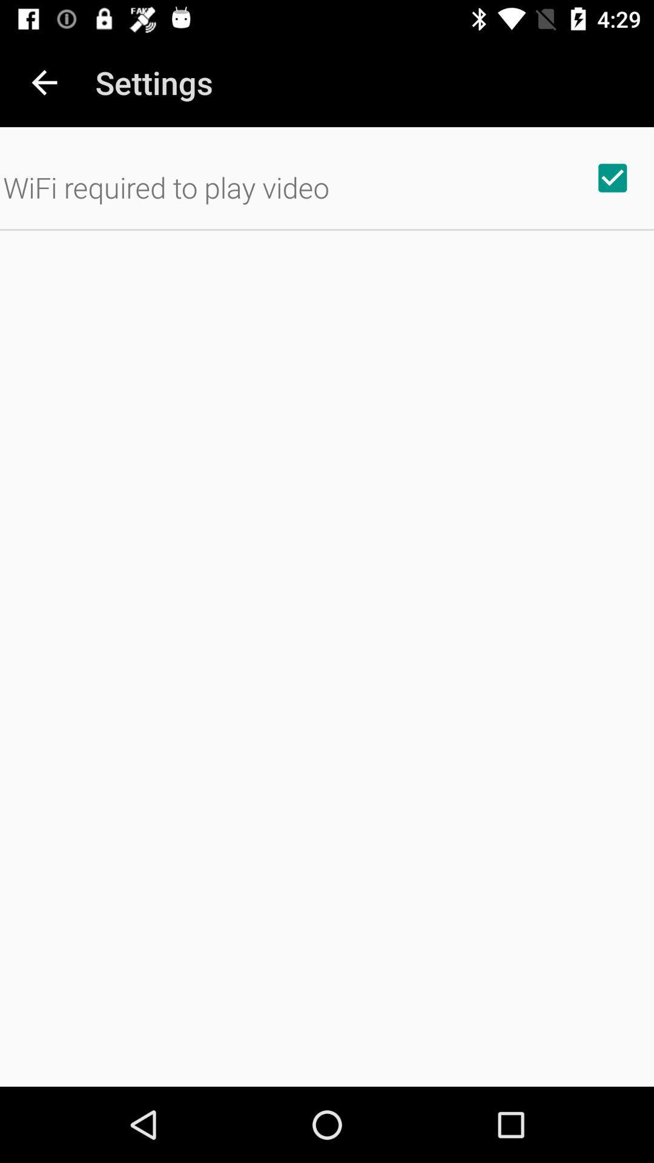 This screenshot has width=654, height=1163. Describe the element at coordinates (44, 82) in the screenshot. I see `the app above the wifi required to icon` at that location.